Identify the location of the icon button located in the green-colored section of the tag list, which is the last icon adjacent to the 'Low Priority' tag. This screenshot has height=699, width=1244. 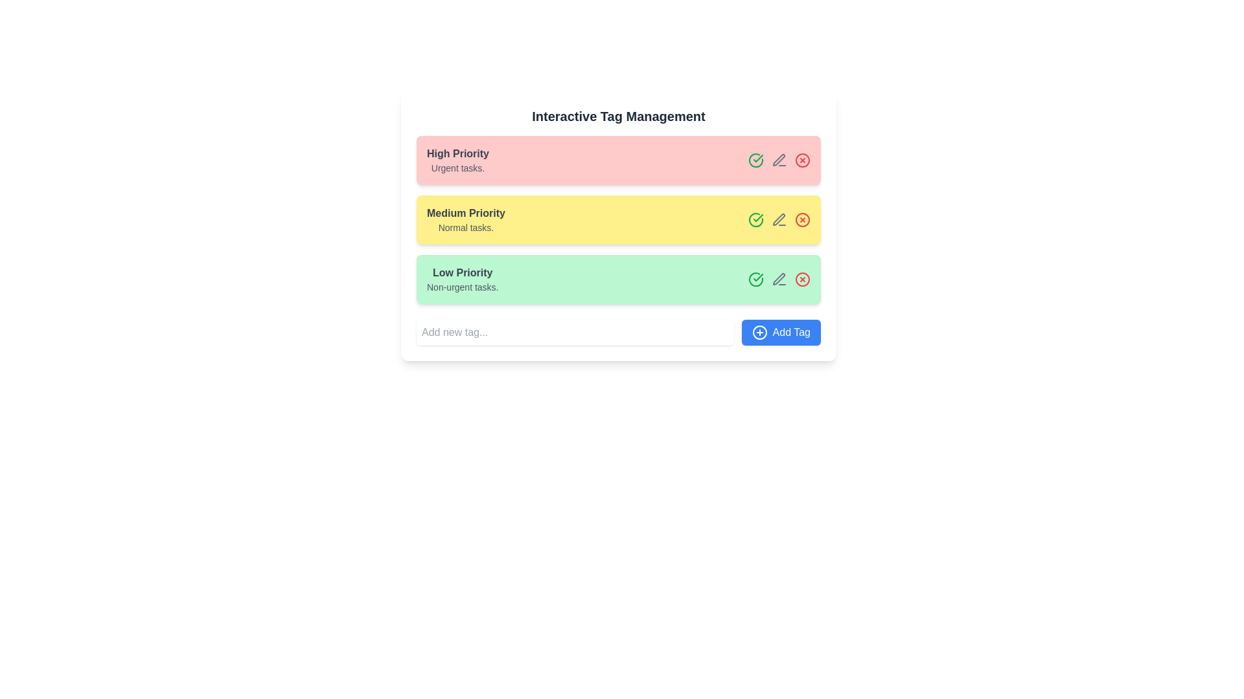
(801, 279).